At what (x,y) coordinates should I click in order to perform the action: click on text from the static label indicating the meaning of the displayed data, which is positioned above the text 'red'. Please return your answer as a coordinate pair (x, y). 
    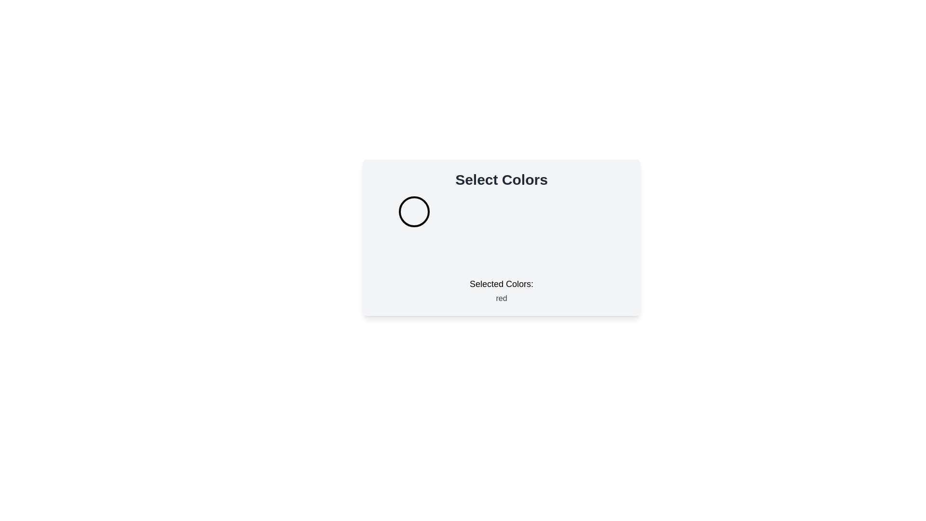
    Looking at the image, I should click on (502, 284).